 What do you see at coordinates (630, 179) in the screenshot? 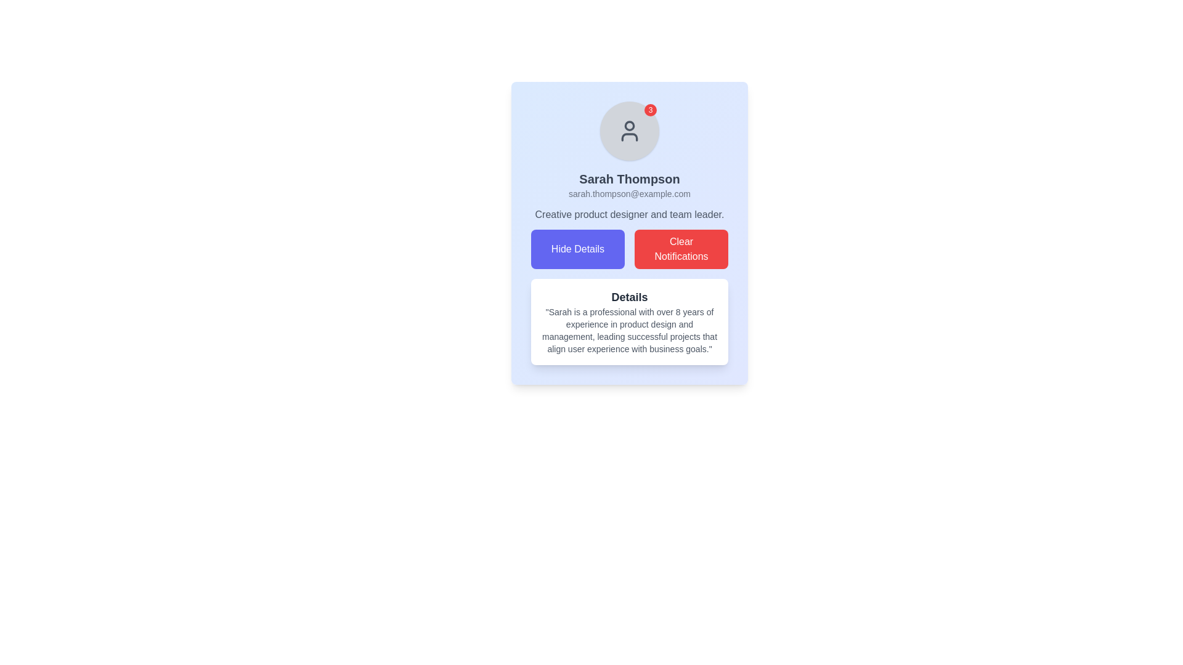
I see `bold, extra-large text label displaying 'Sarah Thompson', which is prominently positioned under the avatar icon and above the email address` at bounding box center [630, 179].